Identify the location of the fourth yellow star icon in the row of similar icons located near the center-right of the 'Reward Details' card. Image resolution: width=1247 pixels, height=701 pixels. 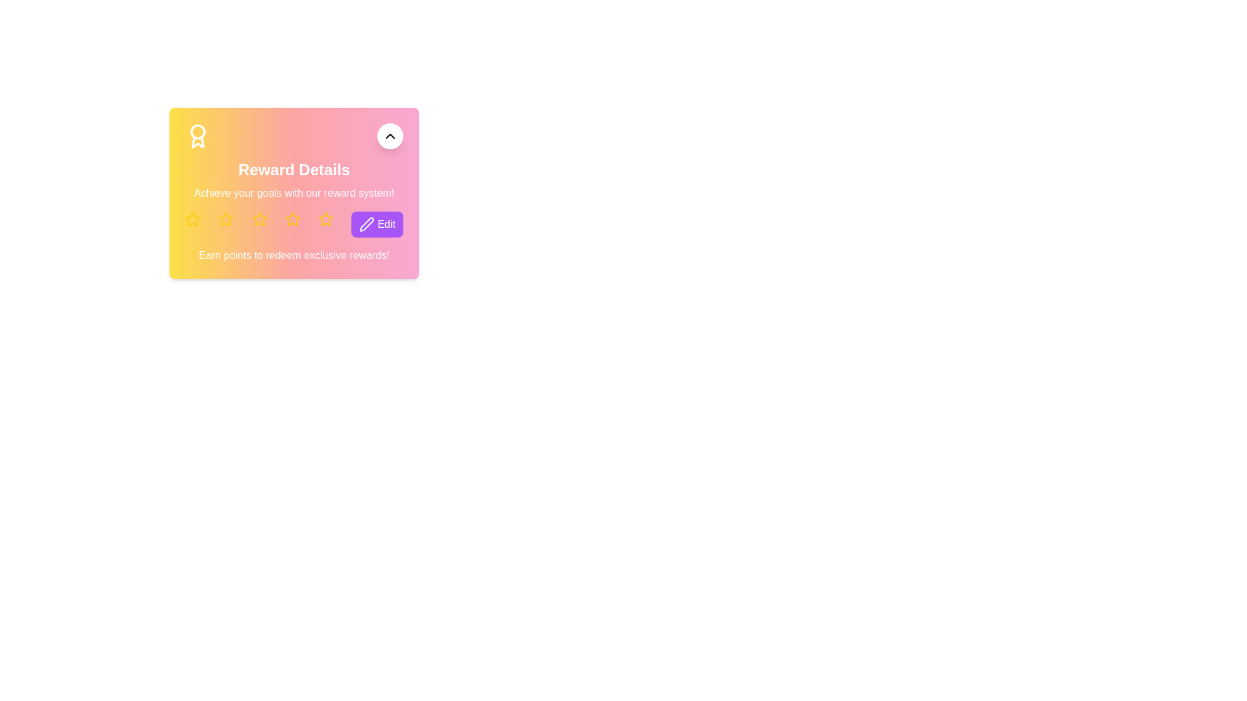
(293, 224).